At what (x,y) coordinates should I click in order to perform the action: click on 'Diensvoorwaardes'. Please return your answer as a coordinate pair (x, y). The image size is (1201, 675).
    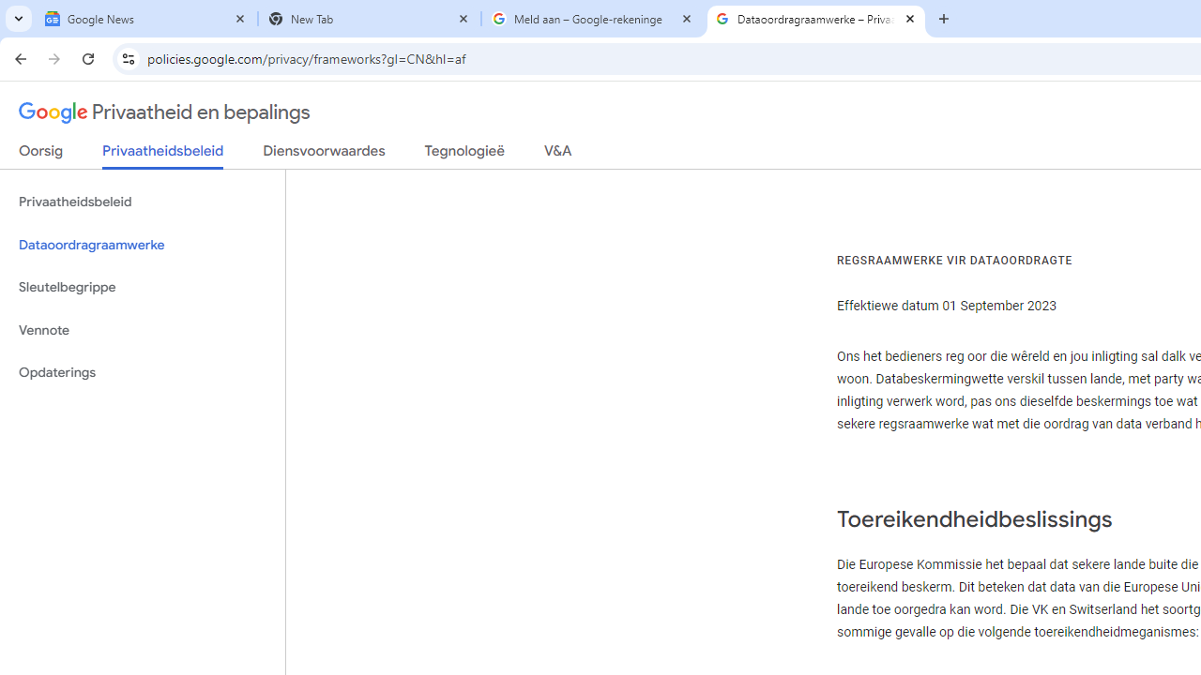
    Looking at the image, I should click on (324, 154).